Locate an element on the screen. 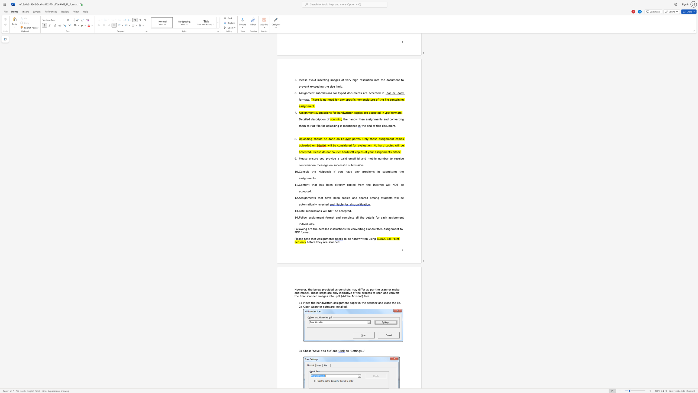  the subset text "ng" within the text "converting" is located at coordinates (362, 229).